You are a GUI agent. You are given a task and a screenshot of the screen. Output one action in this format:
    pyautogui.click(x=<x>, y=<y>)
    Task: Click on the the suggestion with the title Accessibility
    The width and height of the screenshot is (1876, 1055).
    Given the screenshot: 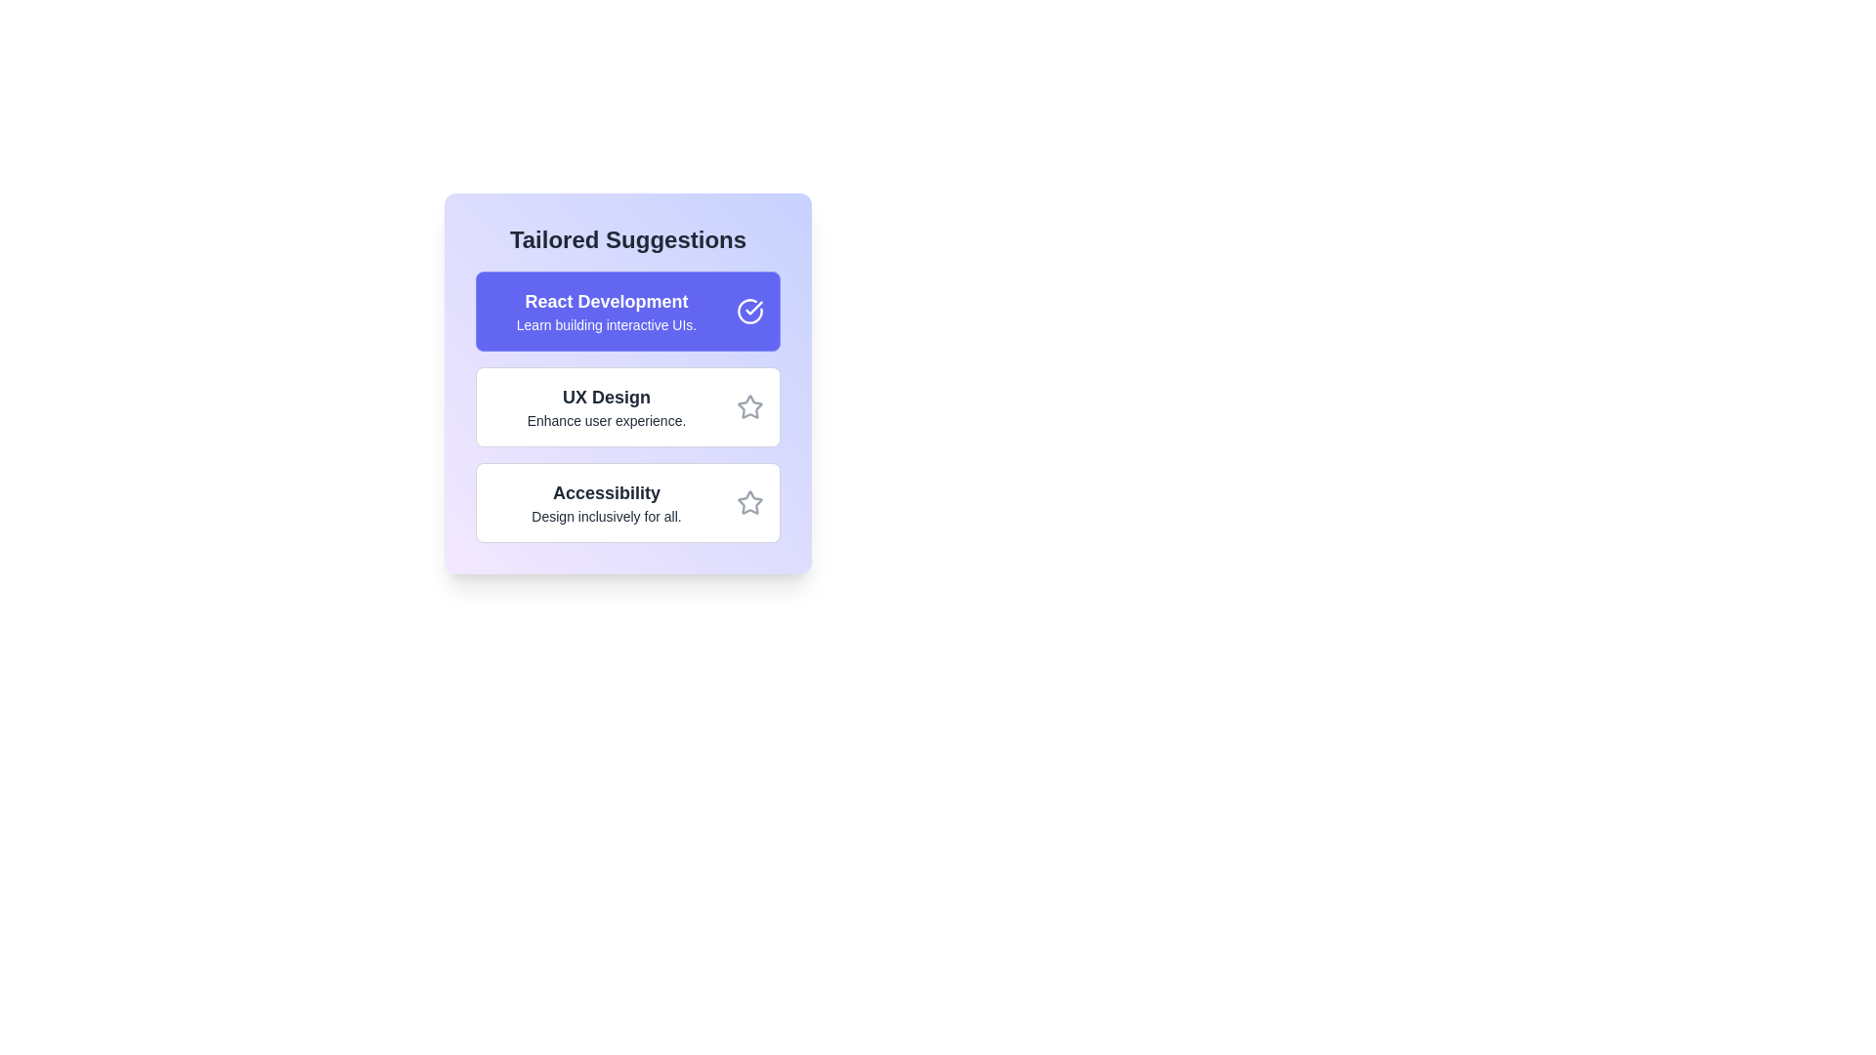 What is the action you would take?
    pyautogui.click(x=628, y=502)
    